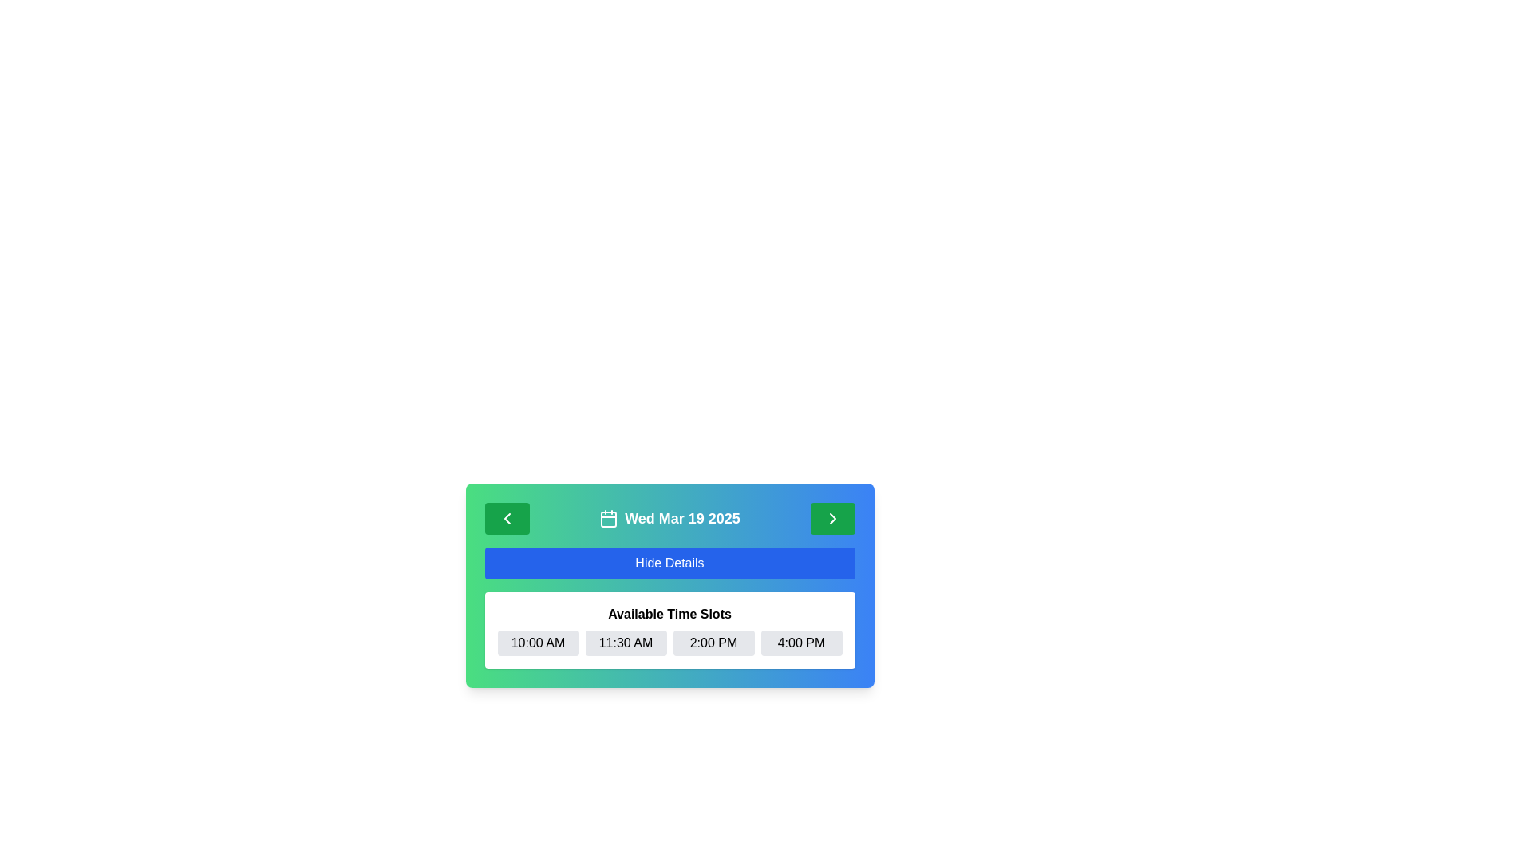 The width and height of the screenshot is (1532, 862). Describe the element at coordinates (669, 519) in the screenshot. I see `the Text with icon label that displays the selected date, located at the center of the header widget` at that location.